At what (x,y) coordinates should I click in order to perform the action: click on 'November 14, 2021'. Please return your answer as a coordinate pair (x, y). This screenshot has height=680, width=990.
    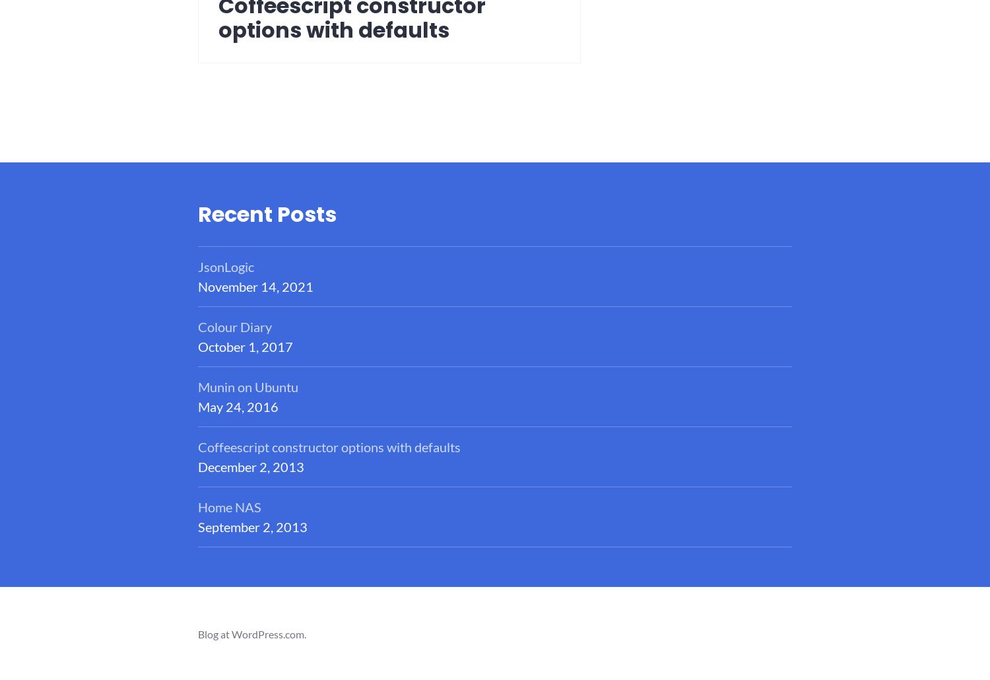
    Looking at the image, I should click on (255, 286).